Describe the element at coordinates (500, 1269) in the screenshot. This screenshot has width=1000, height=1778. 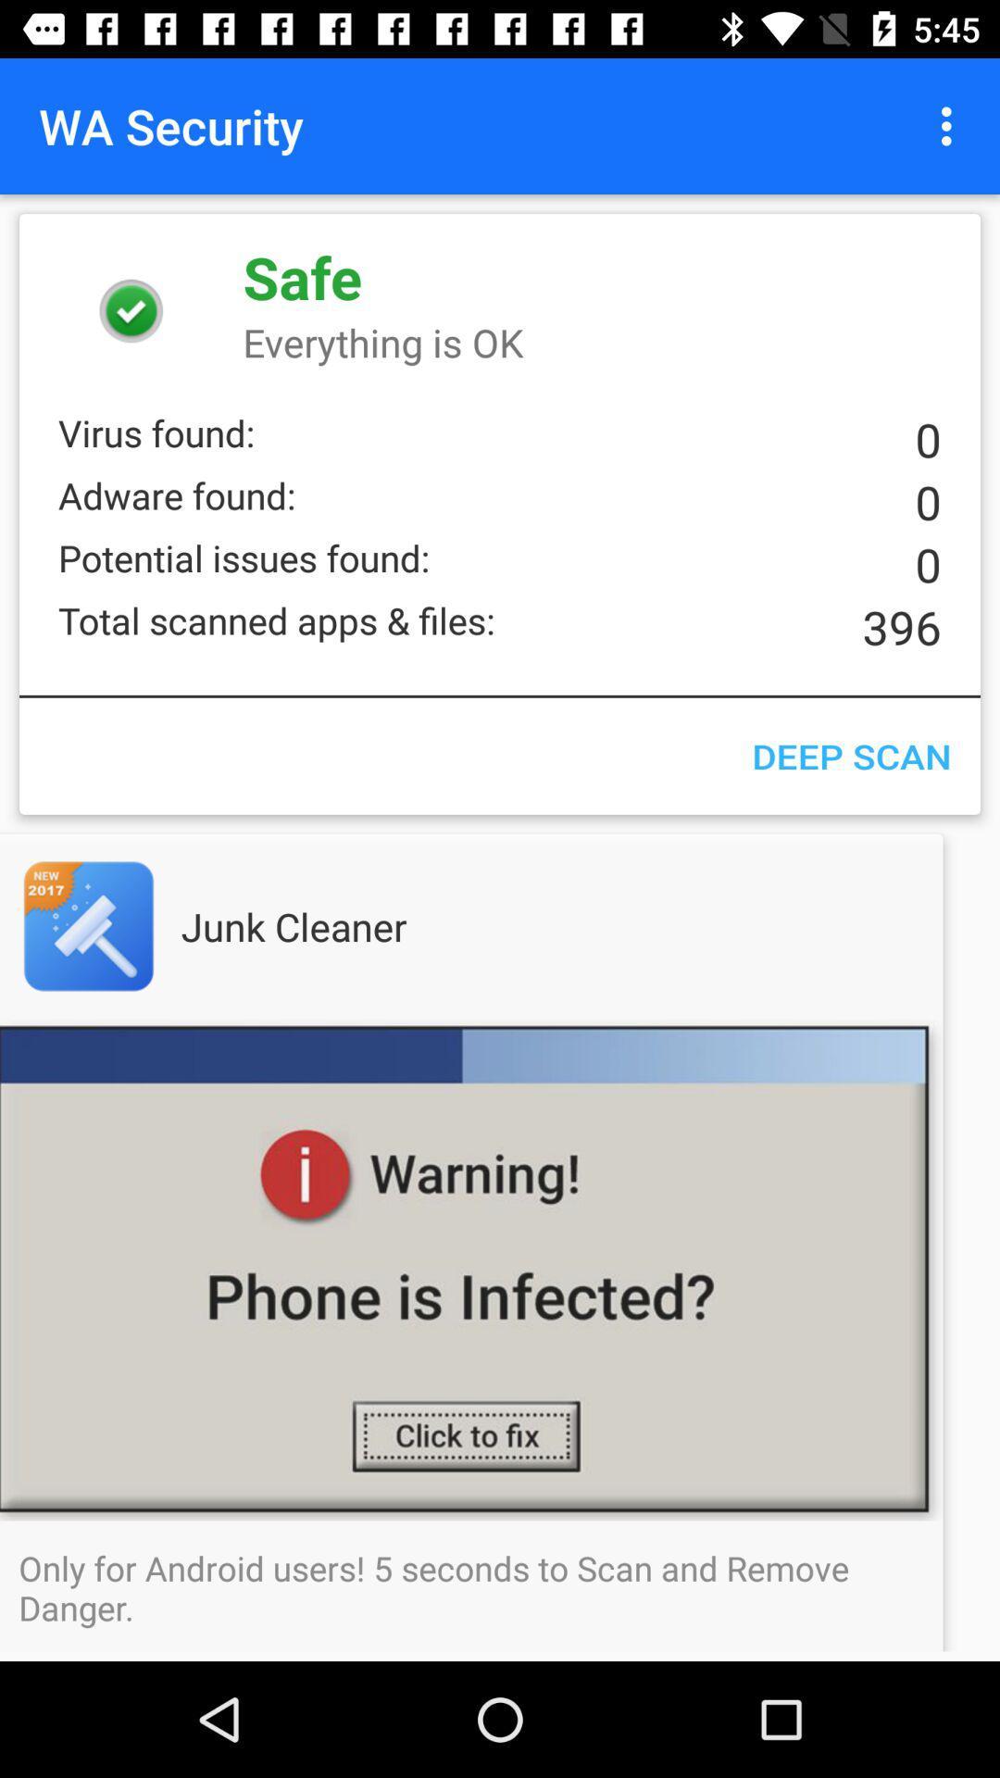
I see `icon above the only for android` at that location.